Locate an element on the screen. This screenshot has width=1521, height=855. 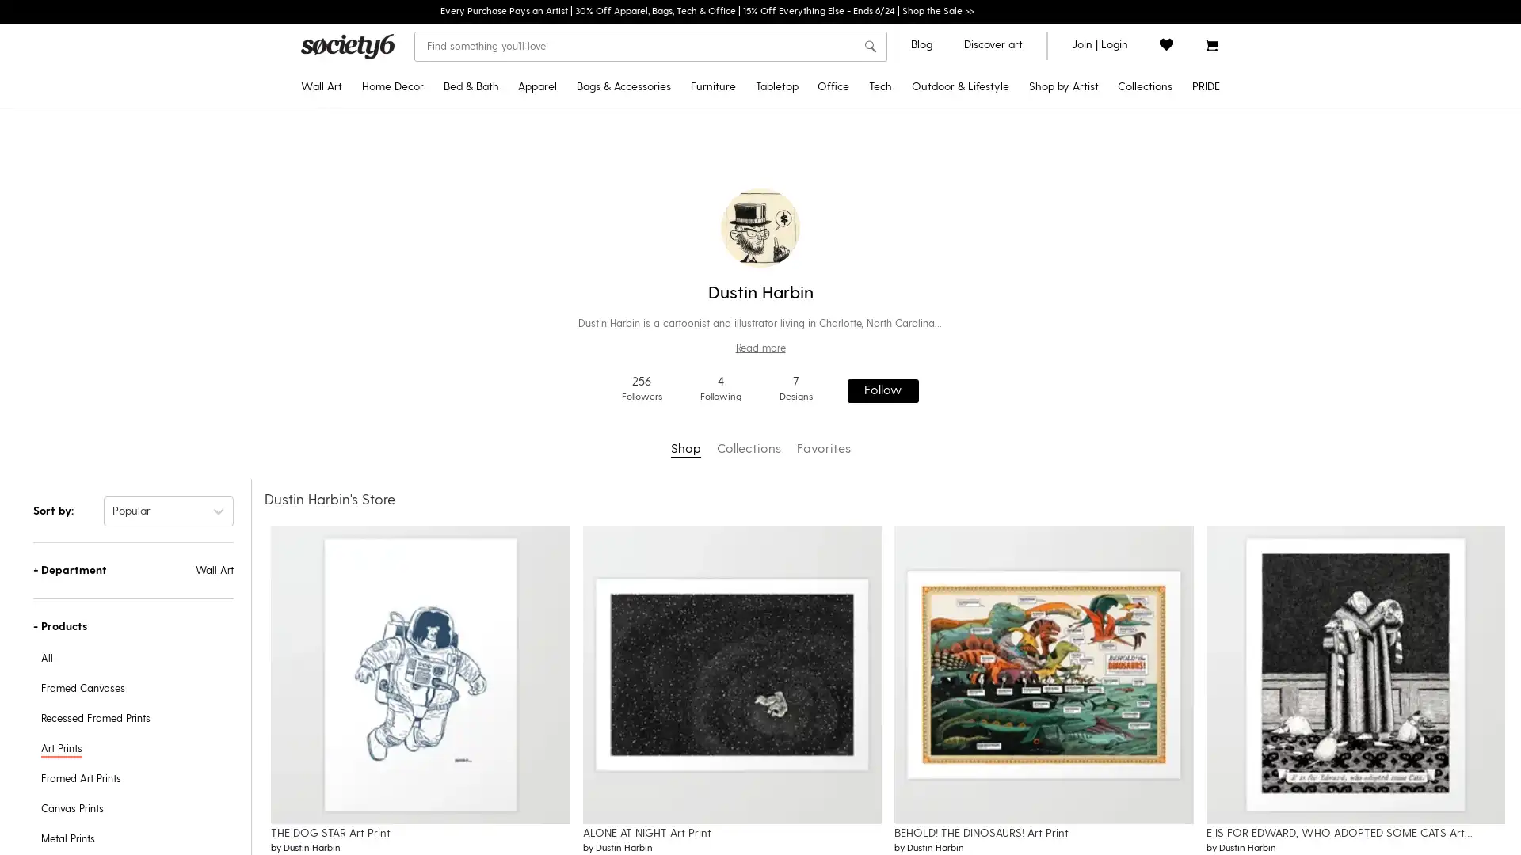
Posters is located at coordinates (372, 279).